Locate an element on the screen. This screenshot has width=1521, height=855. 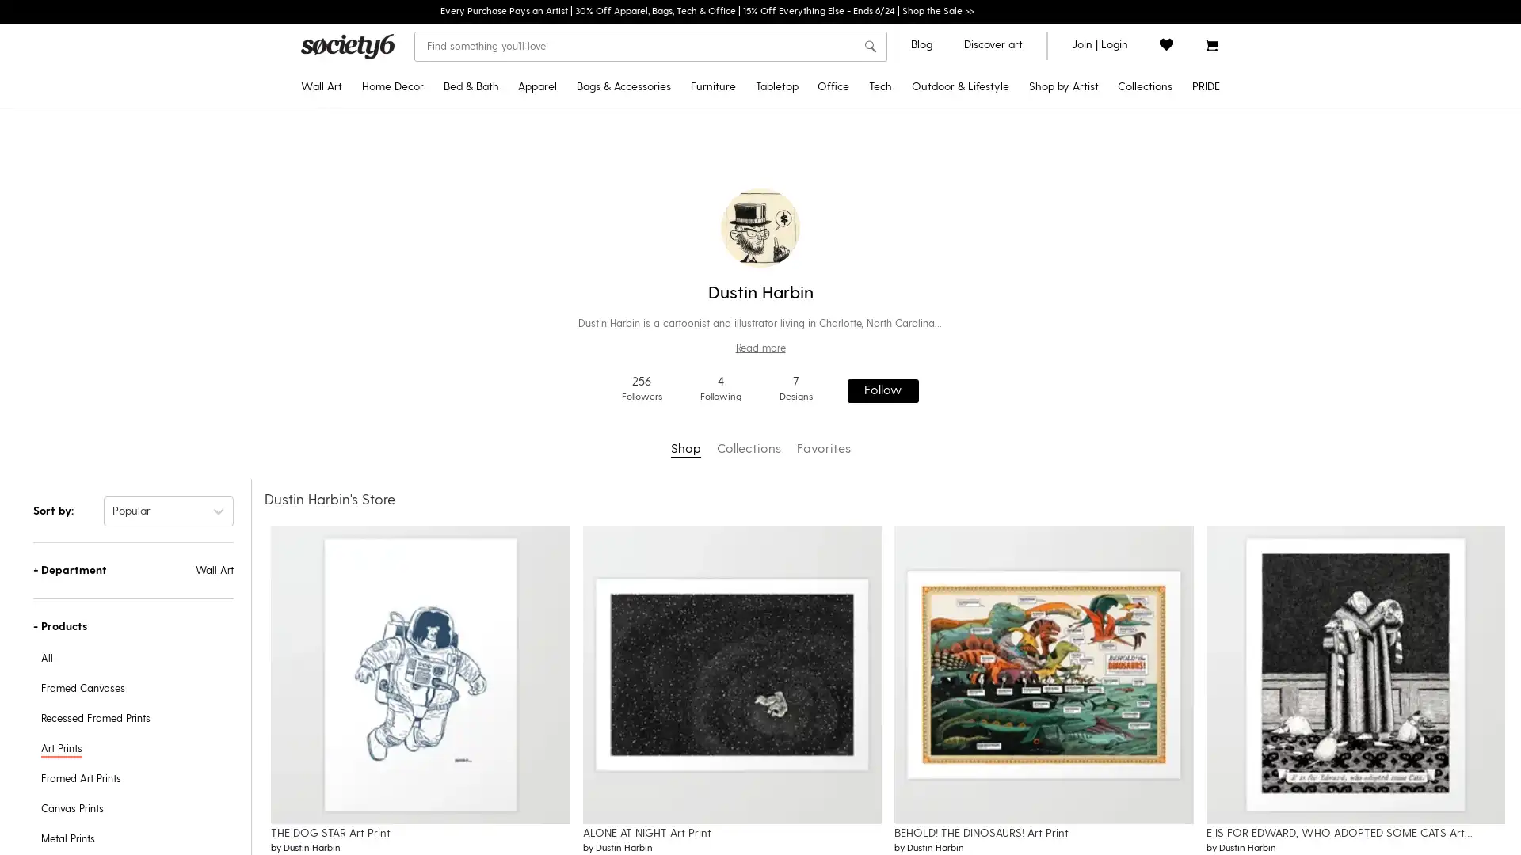
Posters is located at coordinates (372, 279).